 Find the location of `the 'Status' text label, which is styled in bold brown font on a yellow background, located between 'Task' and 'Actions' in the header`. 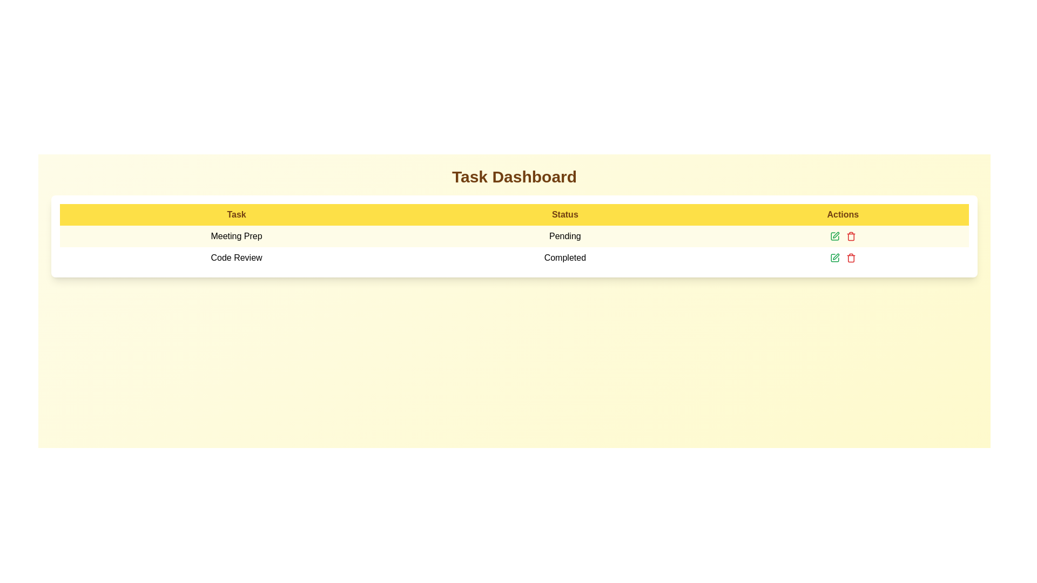

the 'Status' text label, which is styled in bold brown font on a yellow background, located between 'Task' and 'Actions' in the header is located at coordinates (564, 214).